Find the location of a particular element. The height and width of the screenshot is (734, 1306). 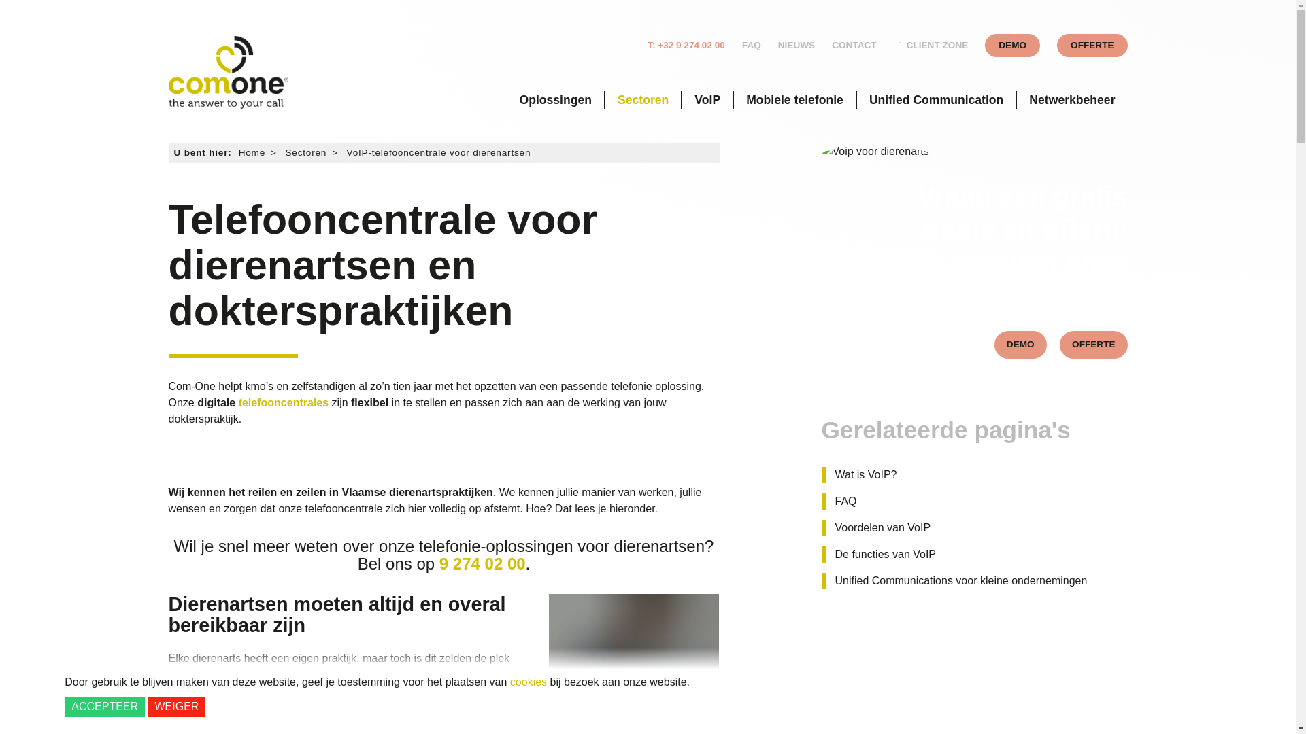

'OFFERTE' is located at coordinates (1092, 44).